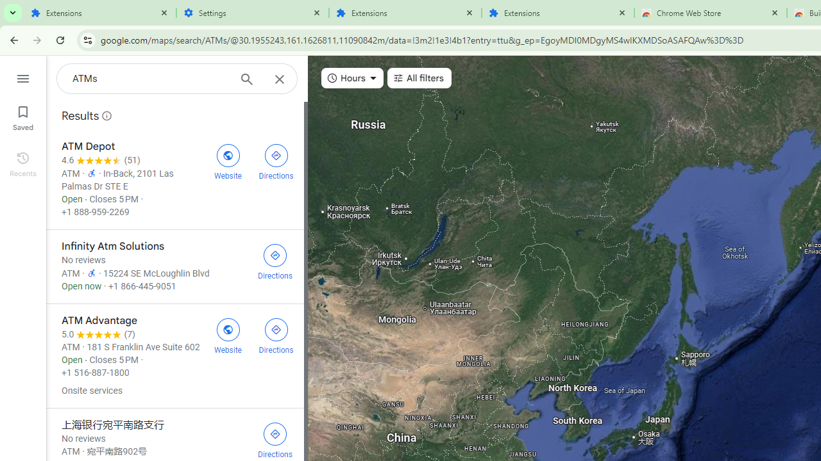 The height and width of the screenshot is (461, 821). Describe the element at coordinates (419, 78) in the screenshot. I see `'All filters'` at that location.